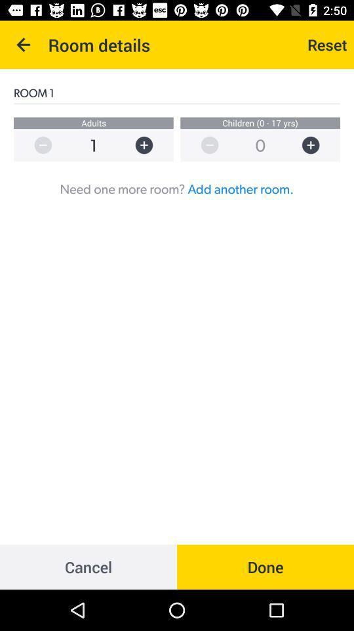 The image size is (354, 631). Describe the element at coordinates (24, 45) in the screenshot. I see `item to the left of the room details icon` at that location.